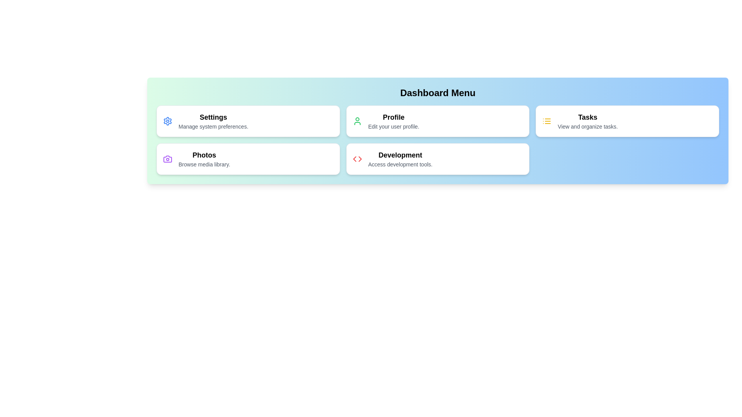 The width and height of the screenshot is (742, 417). What do you see at coordinates (437, 159) in the screenshot?
I see `the menu item labeled Development to navigate to its associated functionality` at bounding box center [437, 159].